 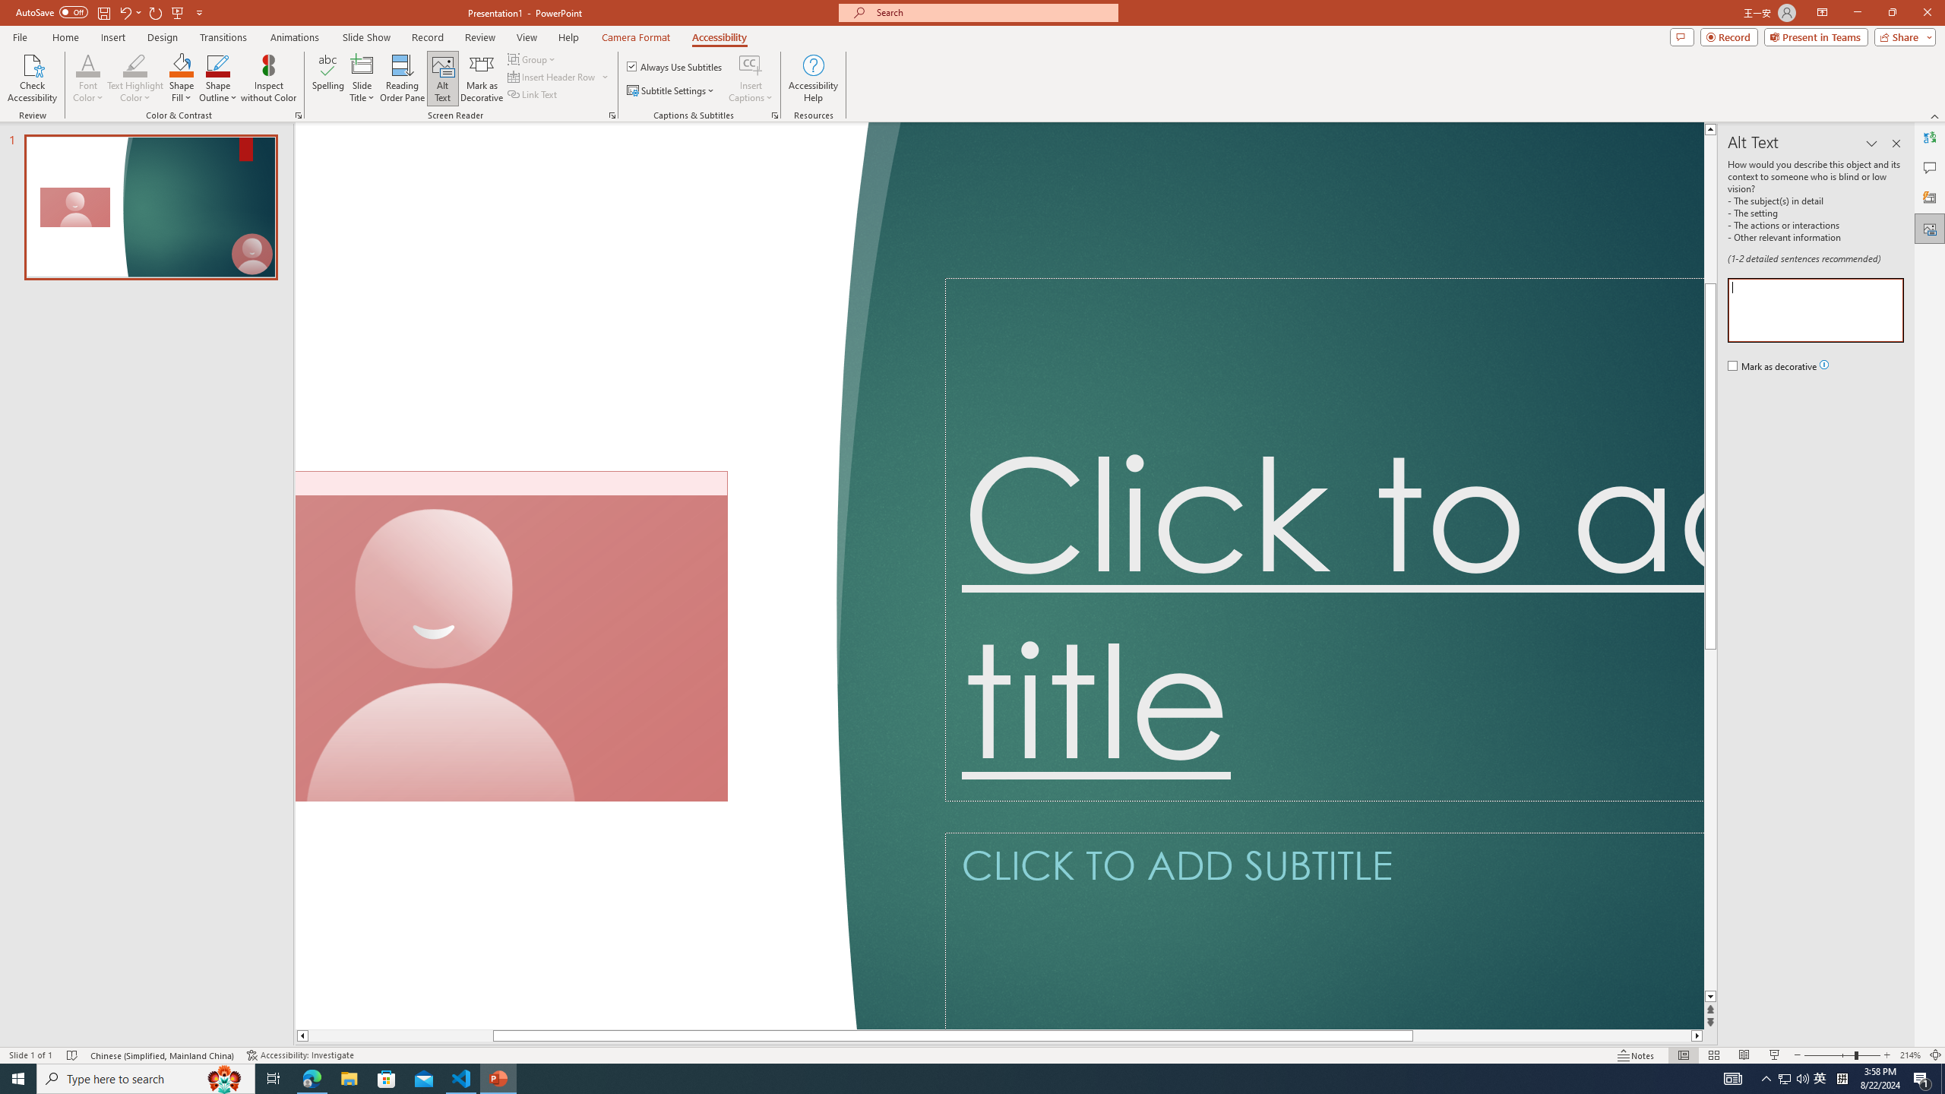 I want to click on 'Link Text', so click(x=533, y=93).